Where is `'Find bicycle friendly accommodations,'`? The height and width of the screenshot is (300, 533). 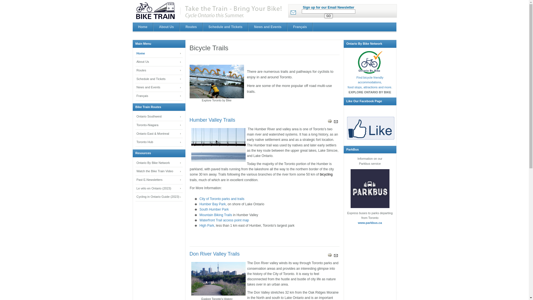
'Find bicycle friendly accommodations,' is located at coordinates (370, 80).